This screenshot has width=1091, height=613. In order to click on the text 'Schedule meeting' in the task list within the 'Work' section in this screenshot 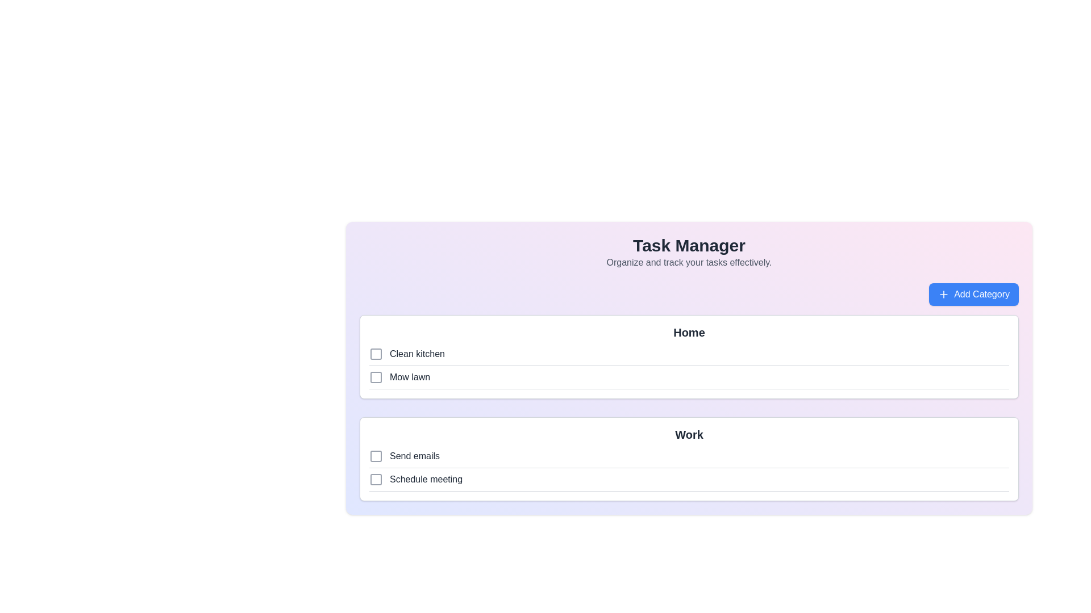, I will do `click(426, 479)`.